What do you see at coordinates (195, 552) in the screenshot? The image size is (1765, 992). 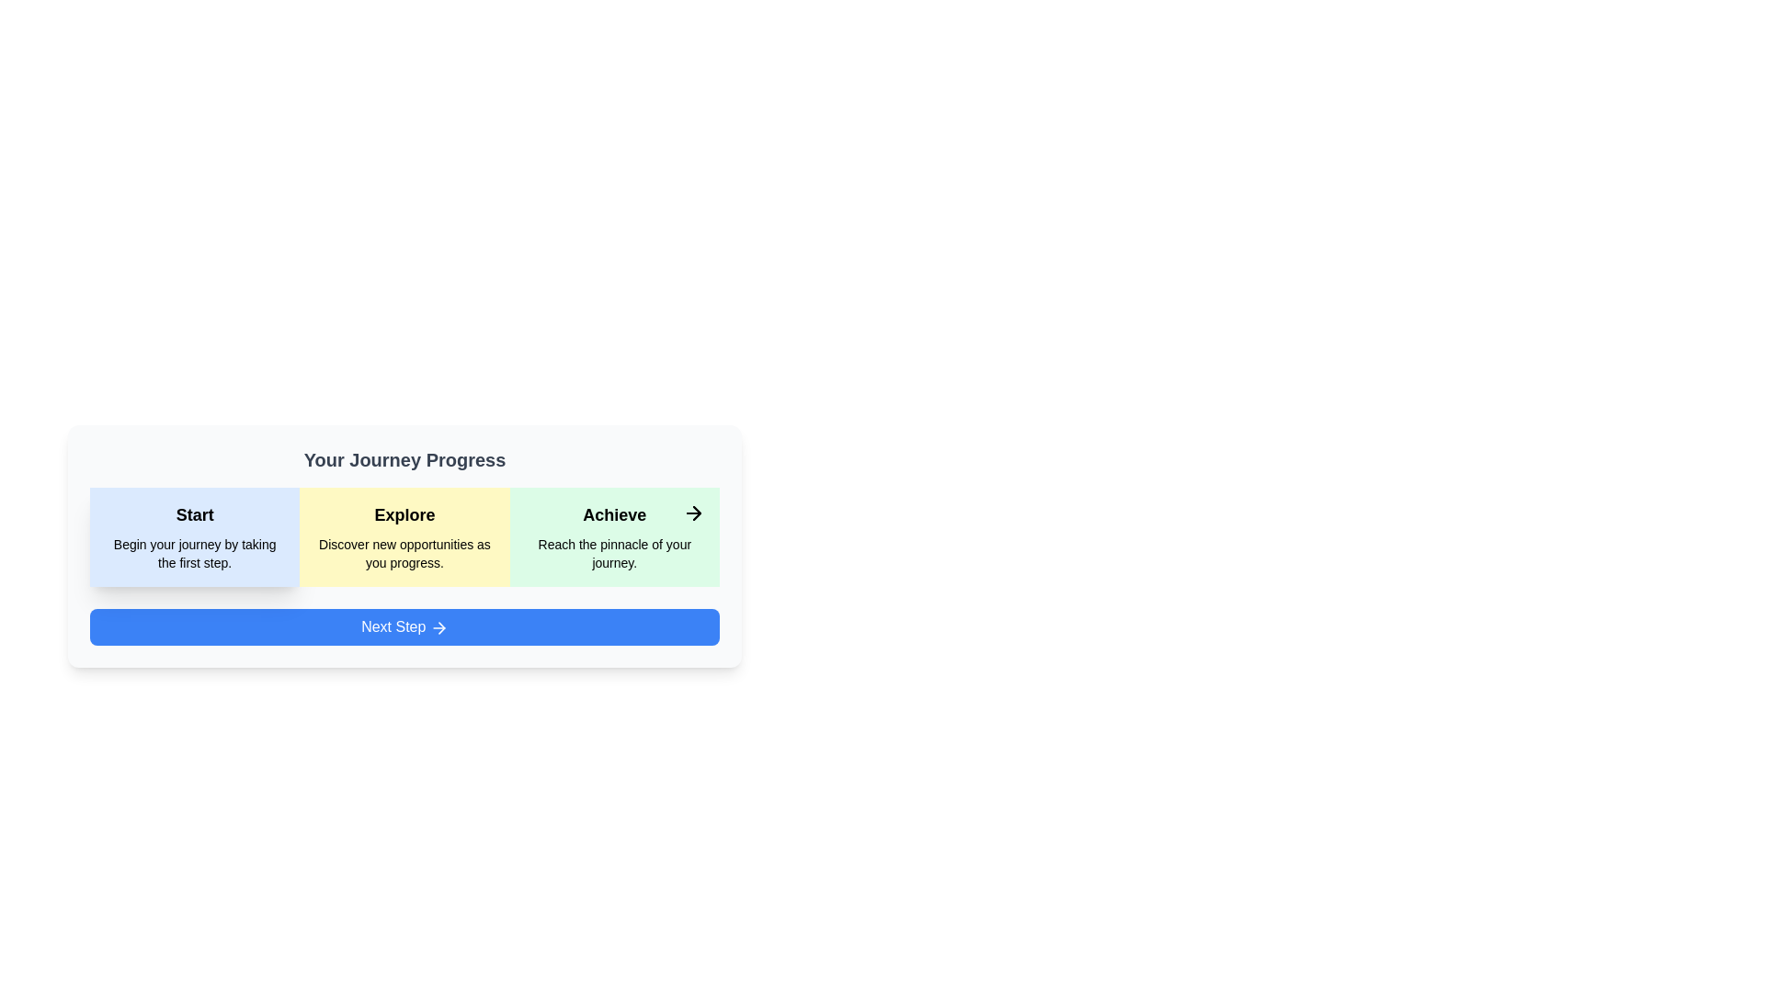 I see `the descriptive text label that provides information about the 'Start' phase, located below the 'Start' heading in the leftmost section of the layout` at bounding box center [195, 552].